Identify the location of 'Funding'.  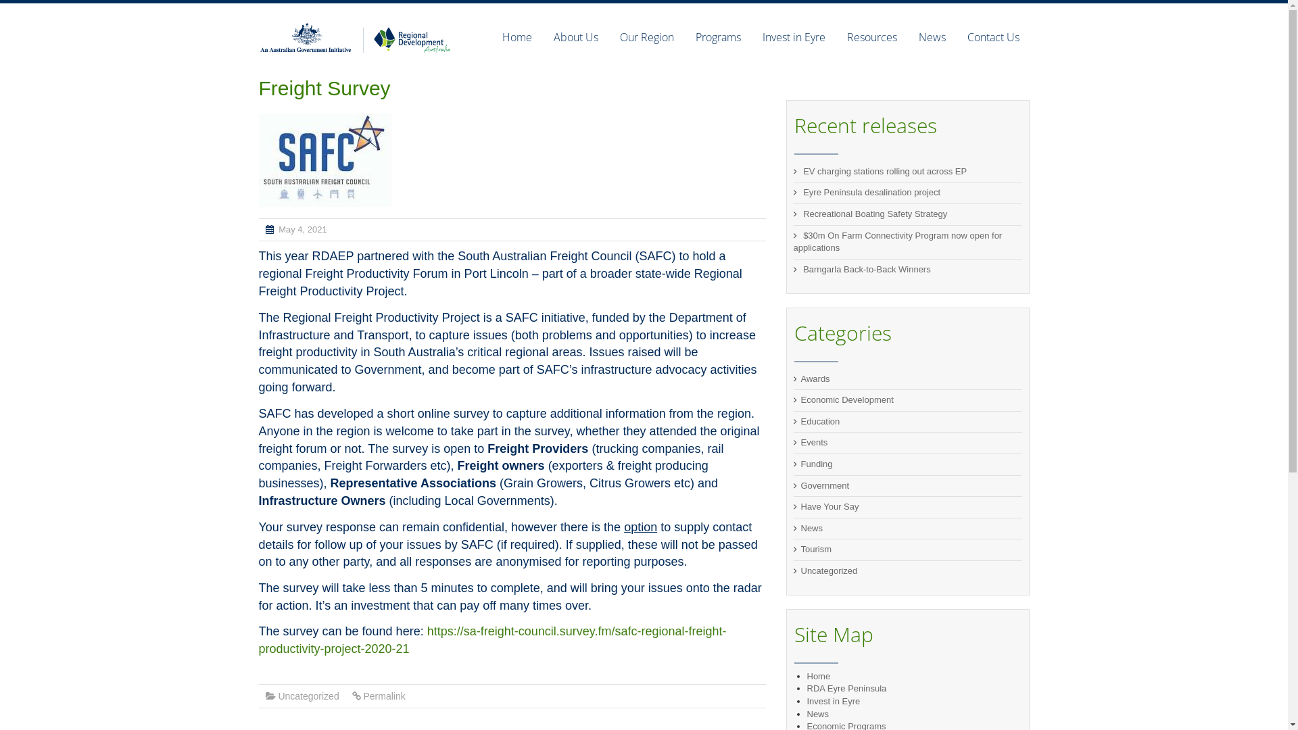
(815, 463).